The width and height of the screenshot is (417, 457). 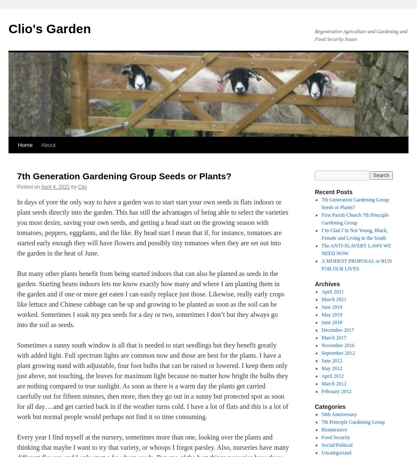 I want to click on 'December 2017', so click(x=337, y=330).